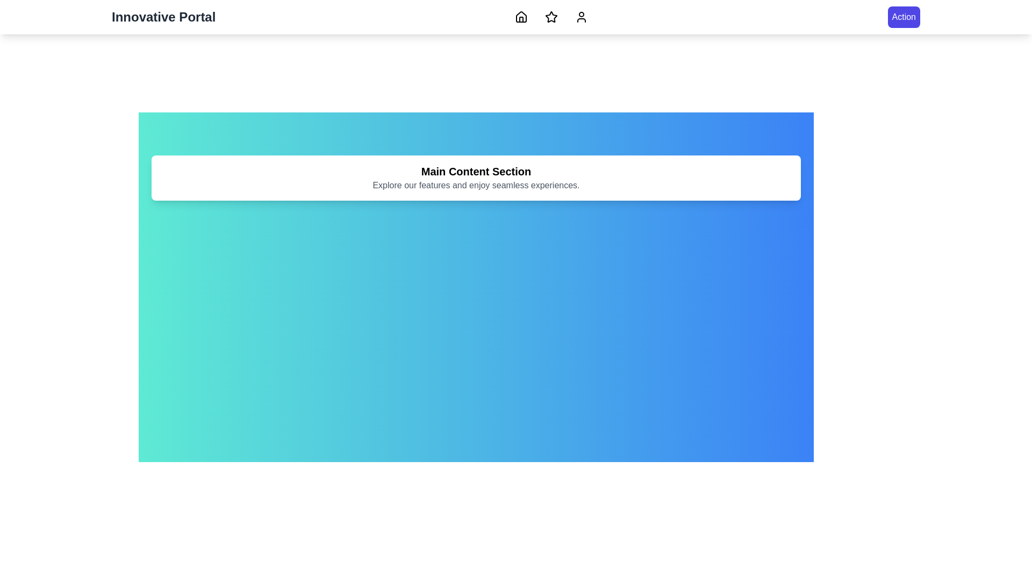 This screenshot has width=1032, height=581. What do you see at coordinates (476, 171) in the screenshot?
I see `the 'Main Content Section' to focus on it for reading` at bounding box center [476, 171].